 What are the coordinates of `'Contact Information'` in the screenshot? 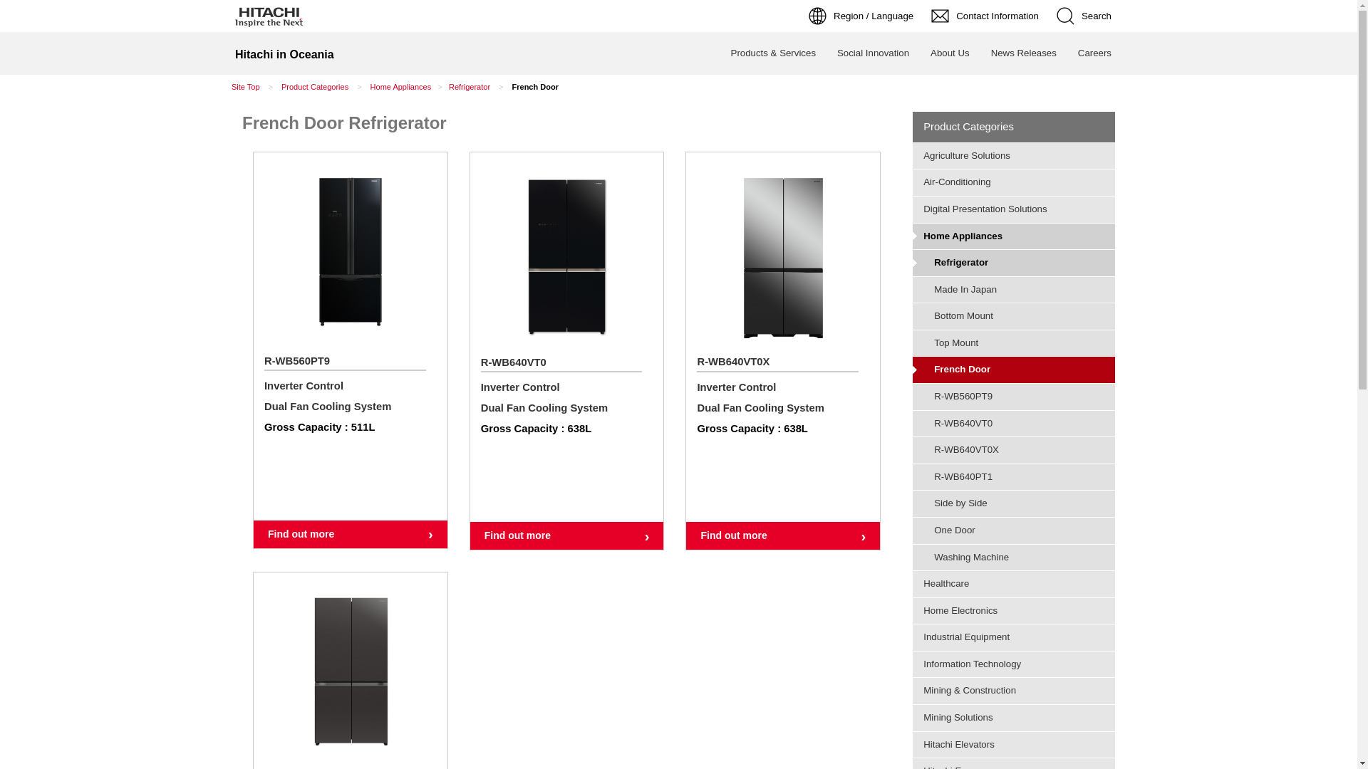 It's located at (986, 16).